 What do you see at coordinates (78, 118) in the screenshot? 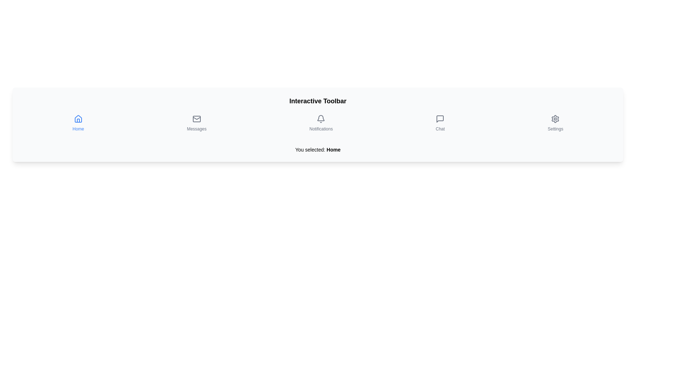
I see `the blue house icon located in the horizontal navigation menu, positioned directly above the 'Home' text label` at bounding box center [78, 118].